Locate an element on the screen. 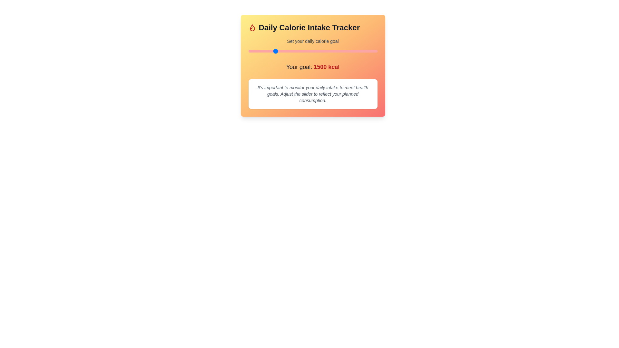 The height and width of the screenshot is (348, 619). the calorie goal slider to a value of 2358 is located at coordinates (318, 51).